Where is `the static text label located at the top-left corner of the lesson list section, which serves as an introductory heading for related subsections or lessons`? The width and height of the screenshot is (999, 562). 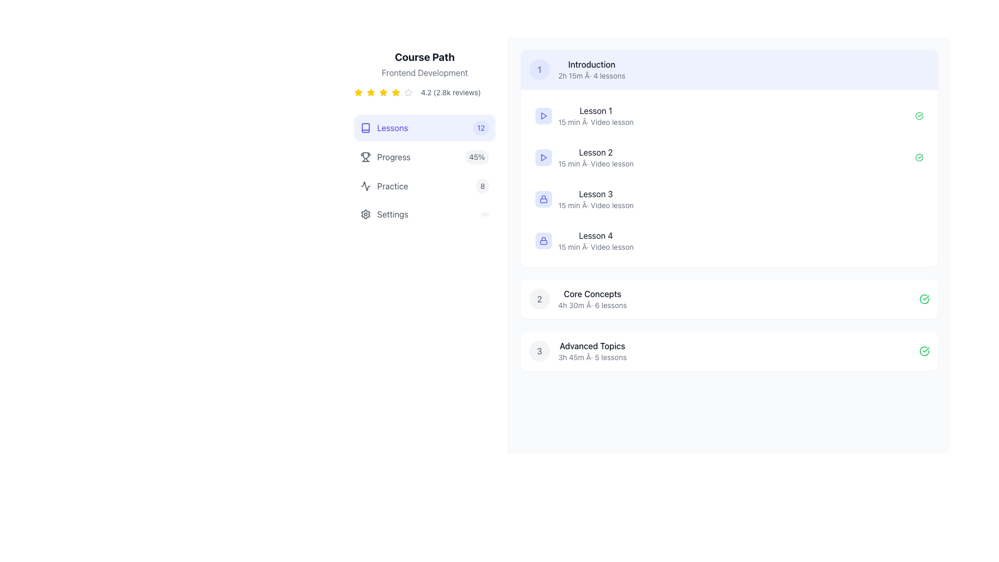 the static text label located at the top-left corner of the lesson list section, which serves as an introductory heading for related subsections or lessons is located at coordinates (592, 64).